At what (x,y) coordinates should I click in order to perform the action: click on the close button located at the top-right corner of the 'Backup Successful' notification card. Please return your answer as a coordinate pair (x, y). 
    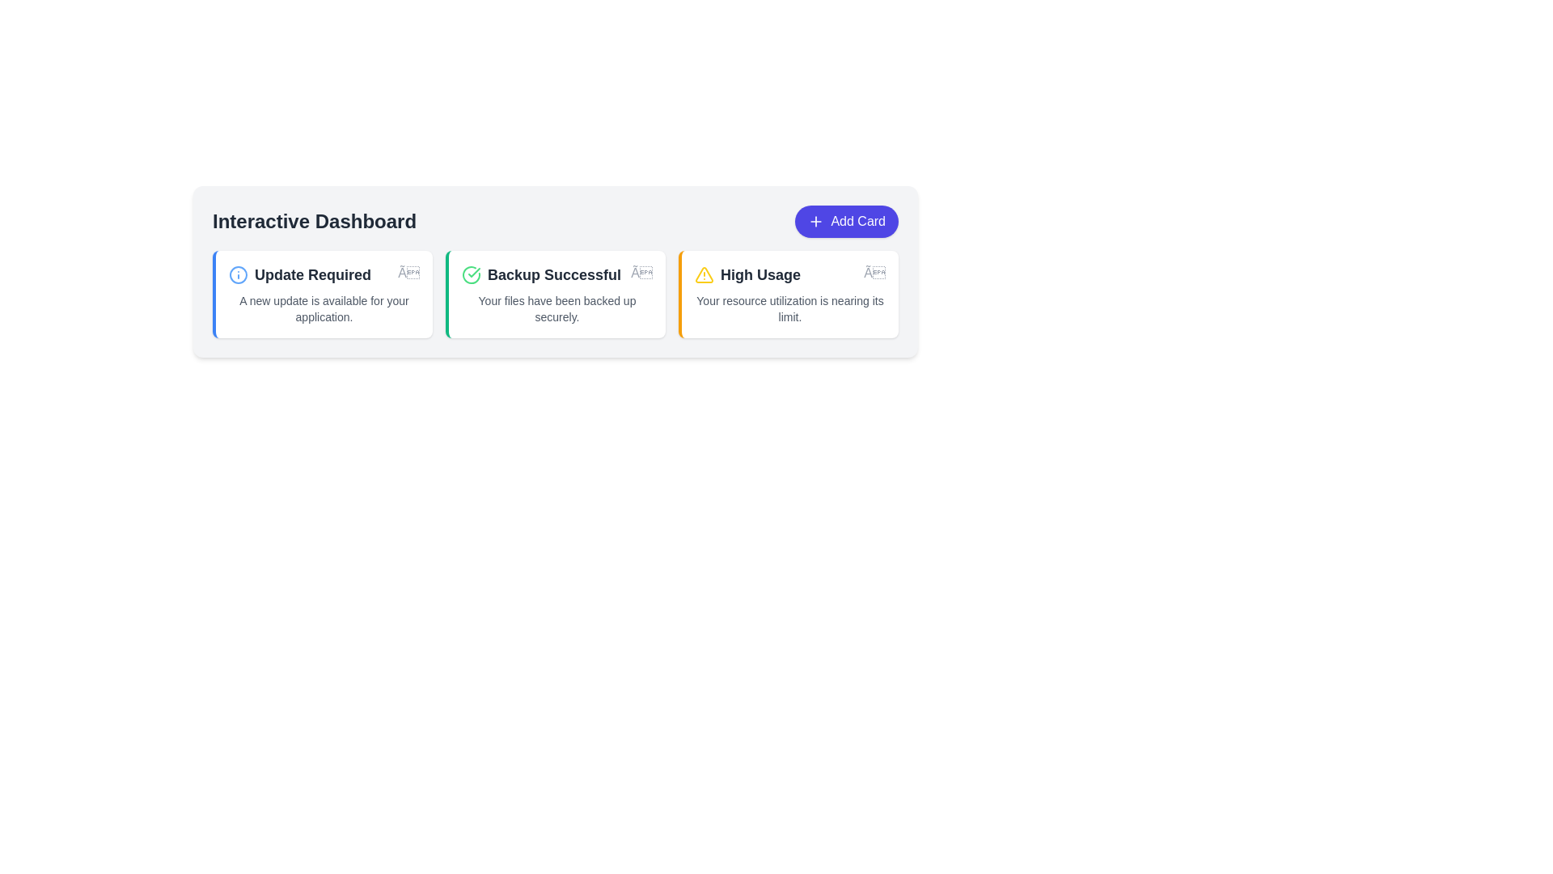
    Looking at the image, I should click on (641, 273).